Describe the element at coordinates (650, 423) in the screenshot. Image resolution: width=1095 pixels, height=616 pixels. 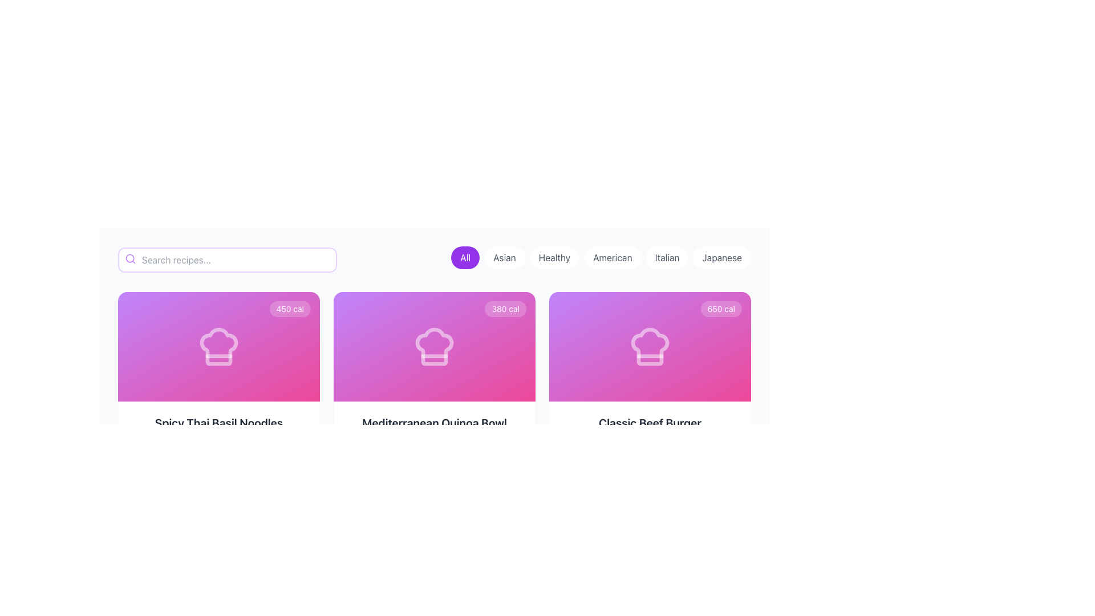
I see `the text label for 'Classic Beef Burger' positioned at the center-bottom of its recipe card, directly beneath the associated food image` at that location.